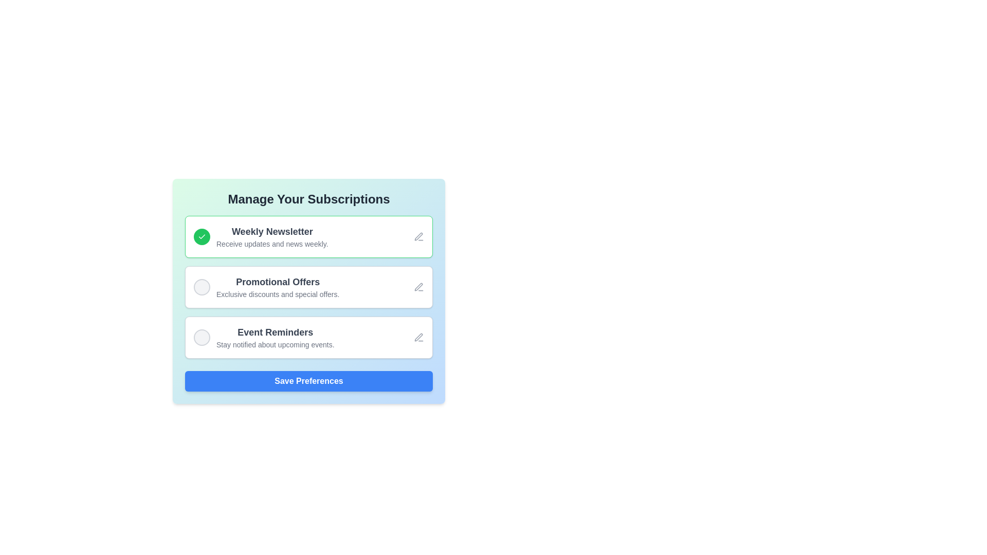 Image resolution: width=987 pixels, height=555 pixels. I want to click on the edit button in the 'Weekly Newsletter' section, so click(418, 236).